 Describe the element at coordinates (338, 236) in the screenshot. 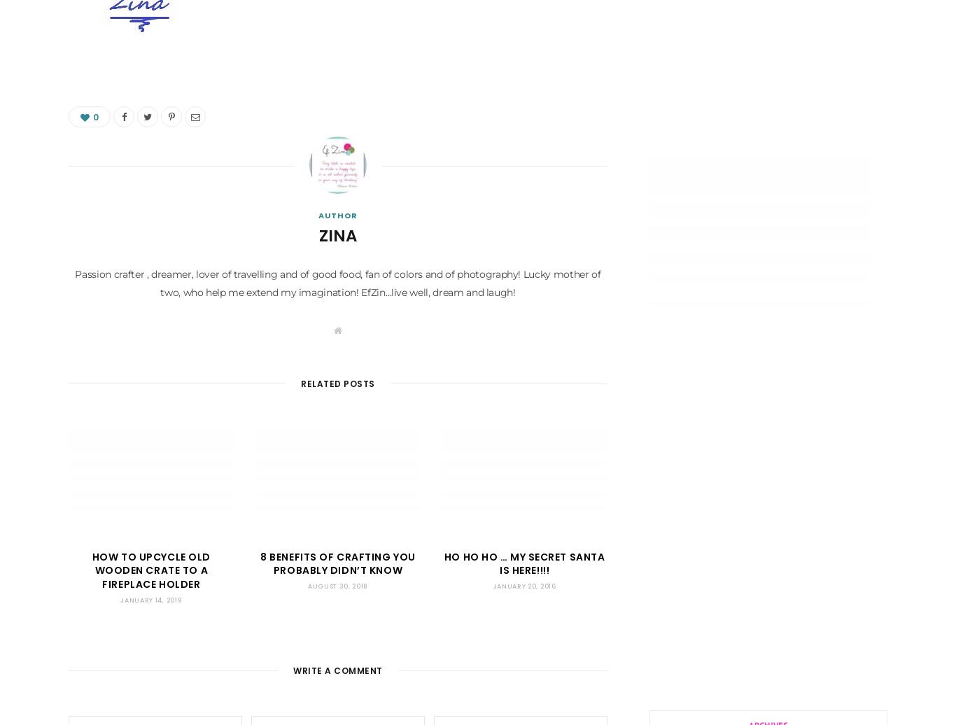

I see `'ZINA'` at that location.